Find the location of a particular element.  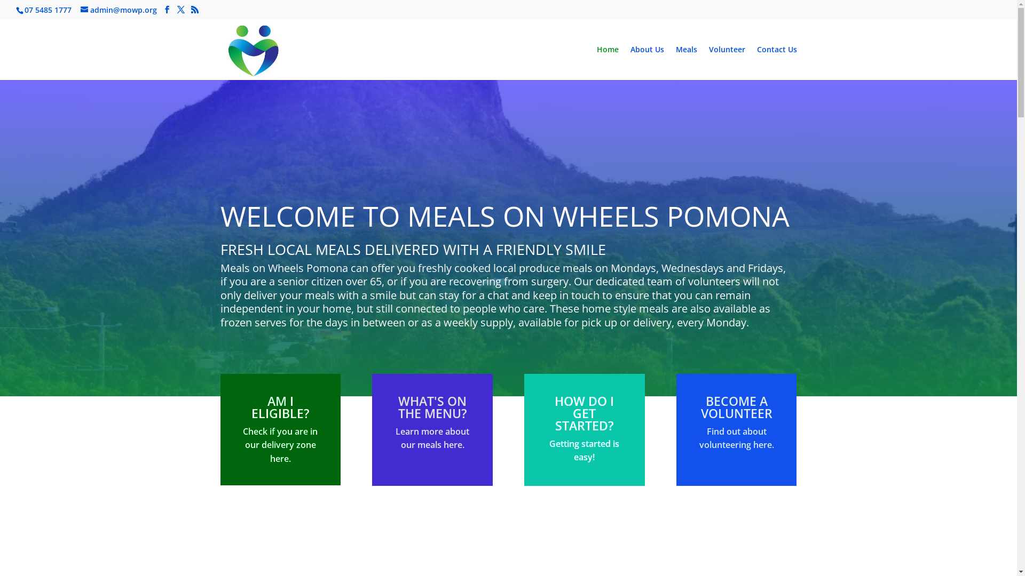

'Home' is located at coordinates (608, 63).